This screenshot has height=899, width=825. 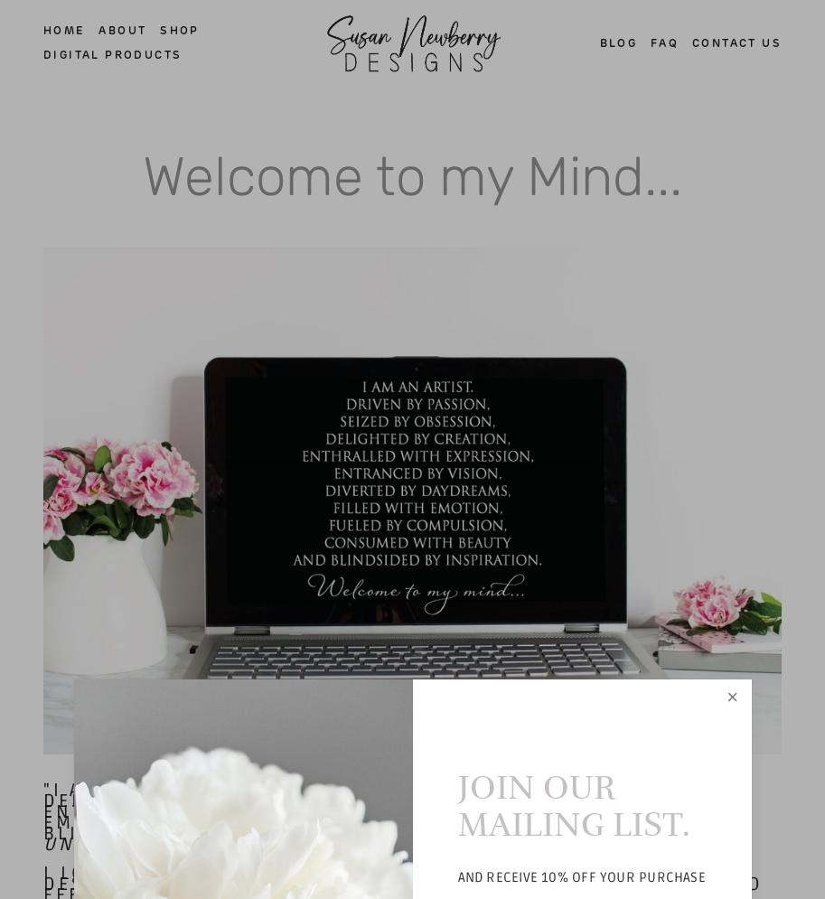 I want to click on 'SHOP', so click(x=179, y=30).